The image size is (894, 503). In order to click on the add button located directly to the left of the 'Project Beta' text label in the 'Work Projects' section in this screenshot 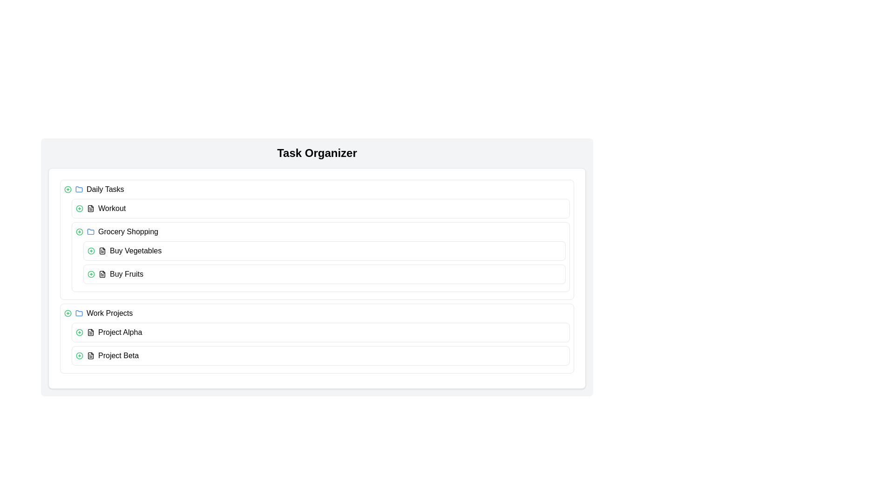, I will do `click(80, 355)`.